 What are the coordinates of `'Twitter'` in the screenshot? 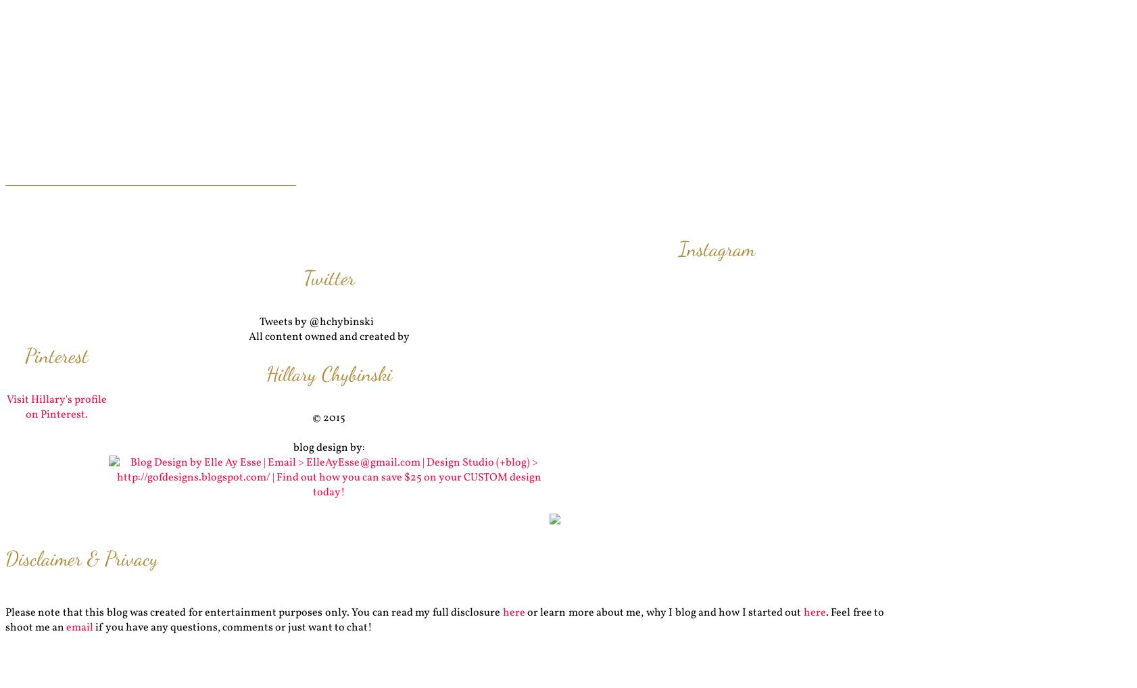 It's located at (328, 276).